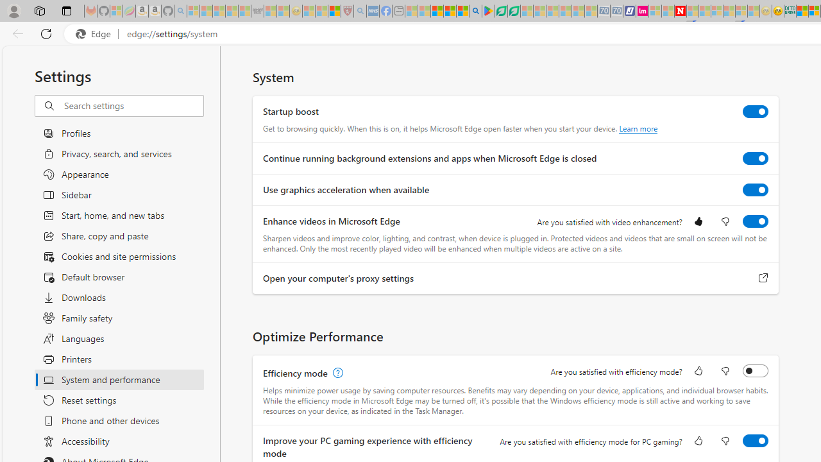 This screenshot has width=821, height=462. Describe the element at coordinates (756, 189) in the screenshot. I see `'Use graphics acceleration when available'` at that location.